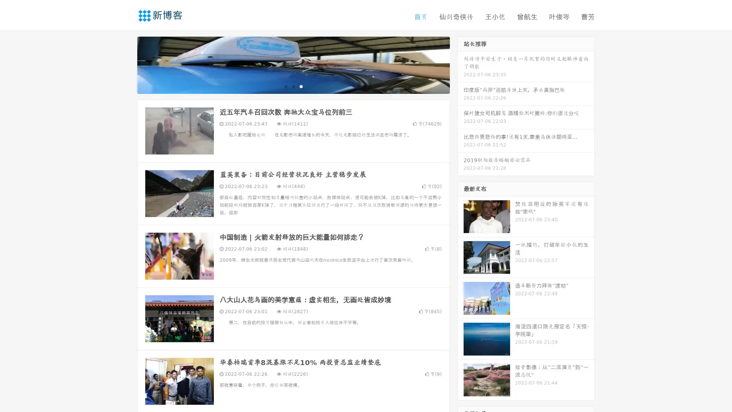 Image resolution: width=732 pixels, height=412 pixels. I want to click on Next slide, so click(461, 64).